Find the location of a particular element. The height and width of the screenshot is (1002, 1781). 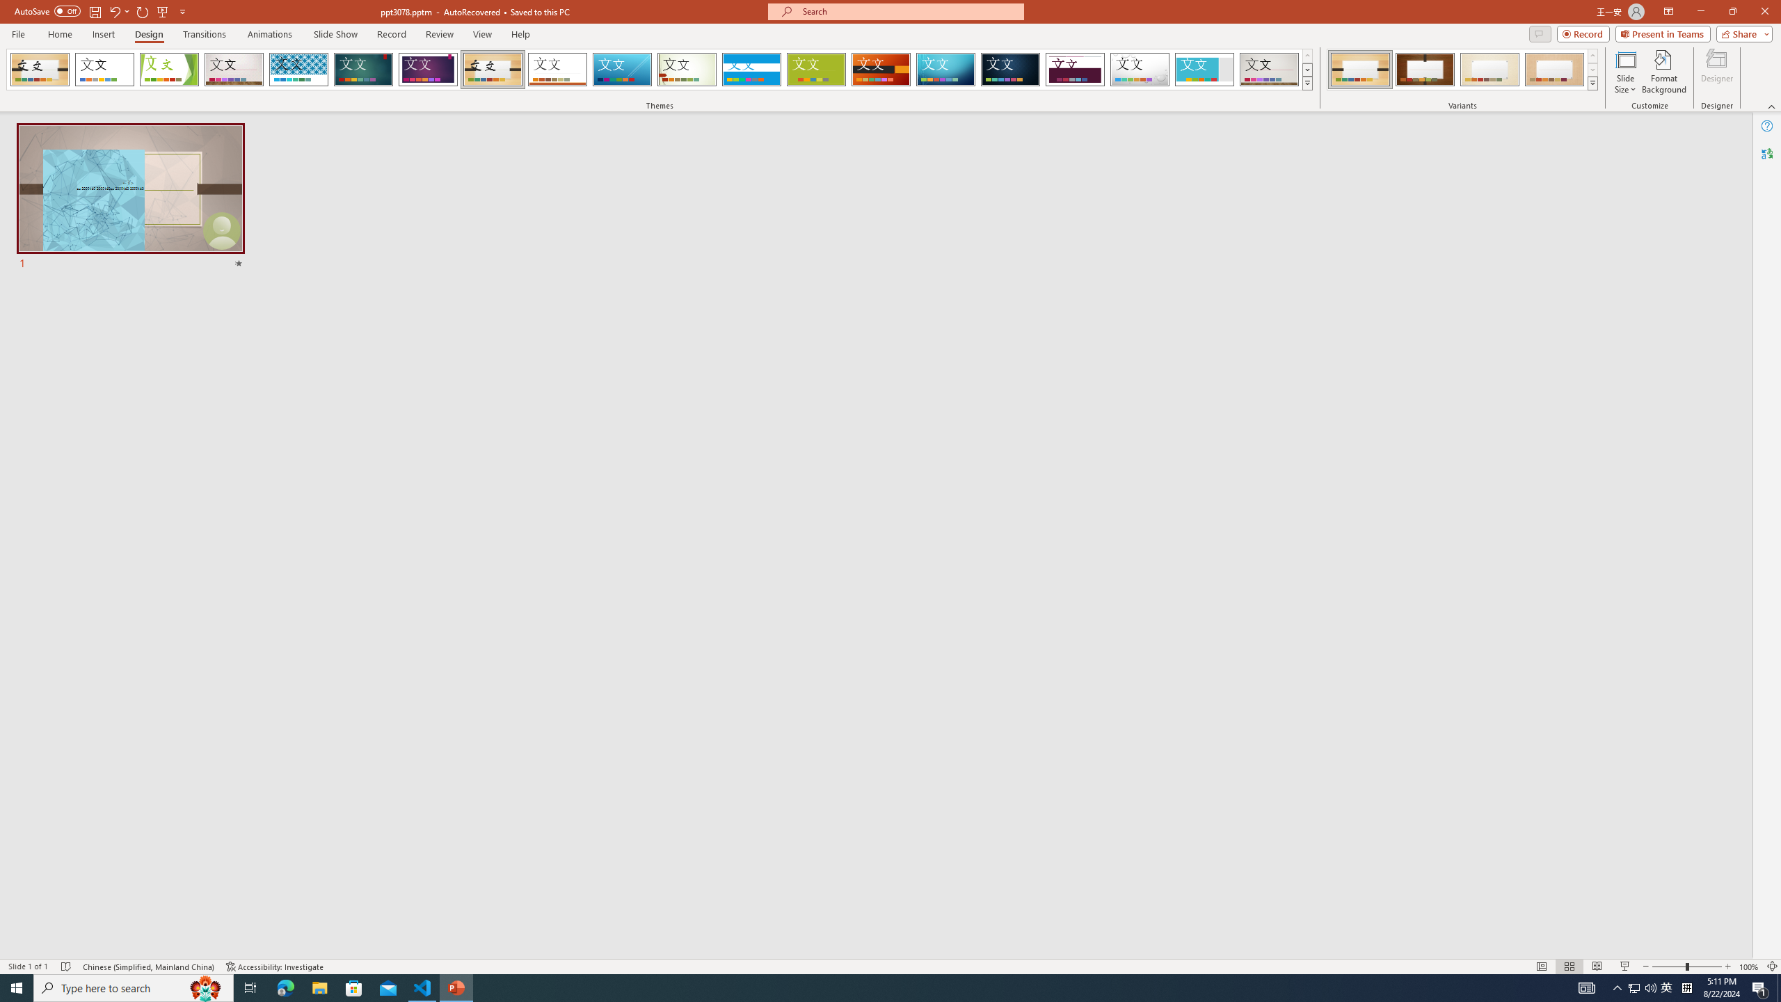

'Droplet' is located at coordinates (1140, 69).